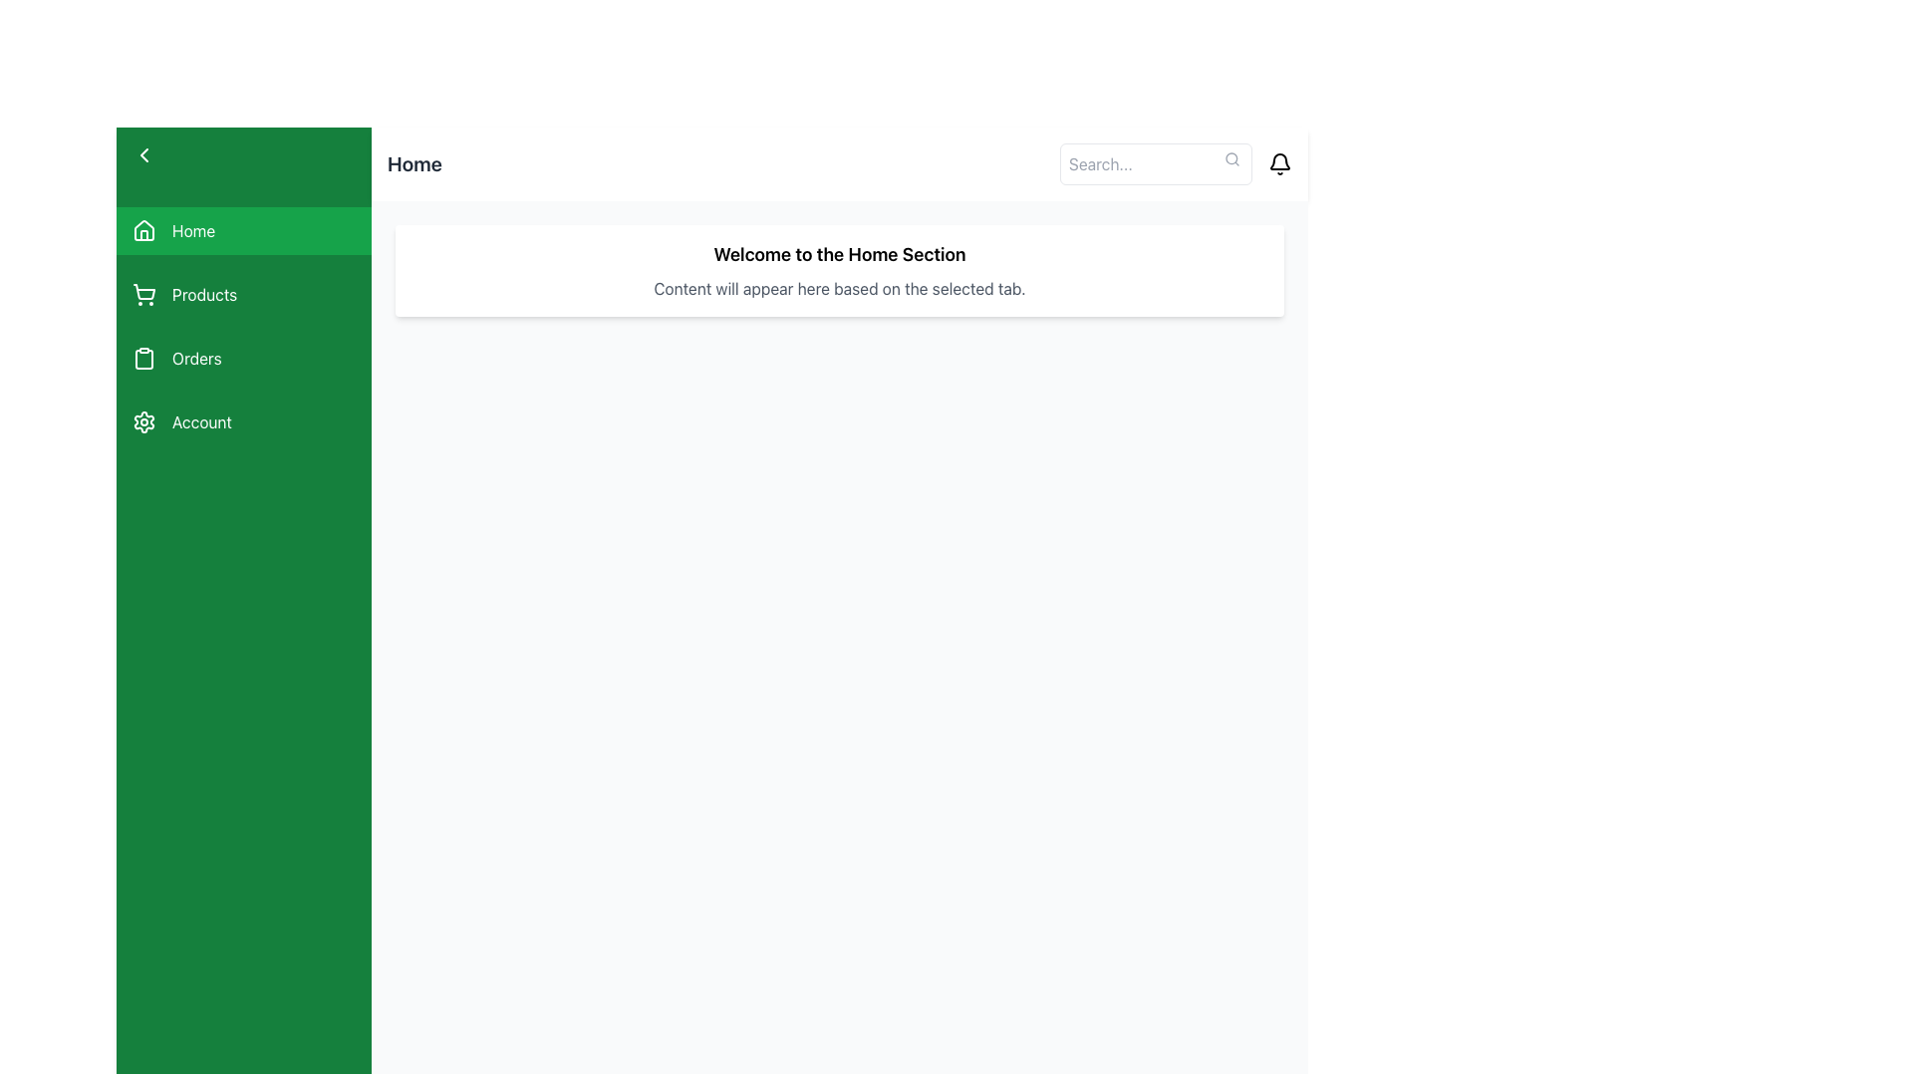  What do you see at coordinates (142, 360) in the screenshot?
I see `the clipboard icon in the 'Orders' menu item, which is the third option in the sidebar list` at bounding box center [142, 360].